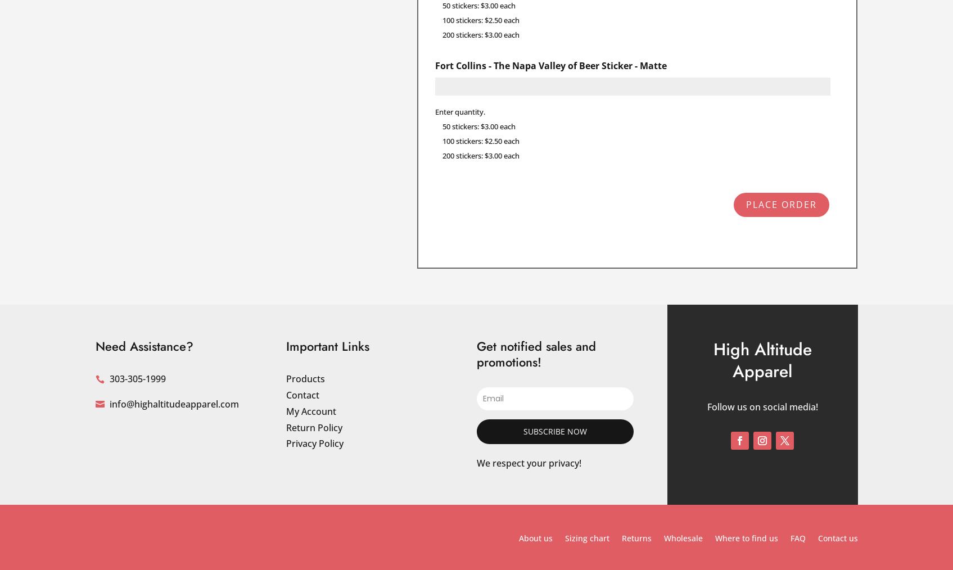  I want to click on 'Important Links', so click(327, 345).